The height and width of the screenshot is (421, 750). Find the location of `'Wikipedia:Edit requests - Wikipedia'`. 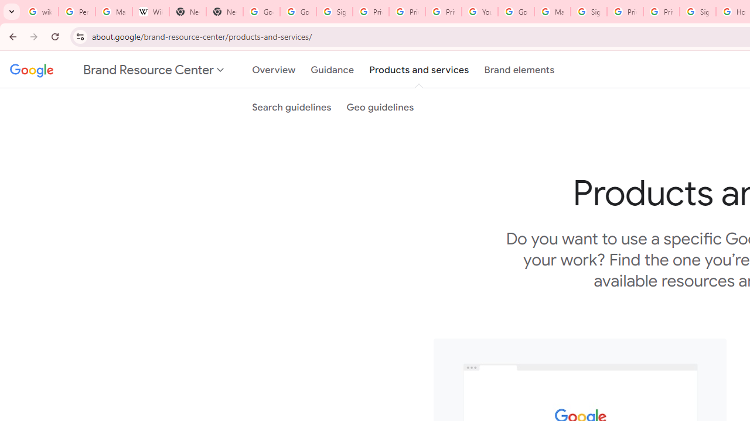

'Wikipedia:Edit requests - Wikipedia' is located at coordinates (150, 12).